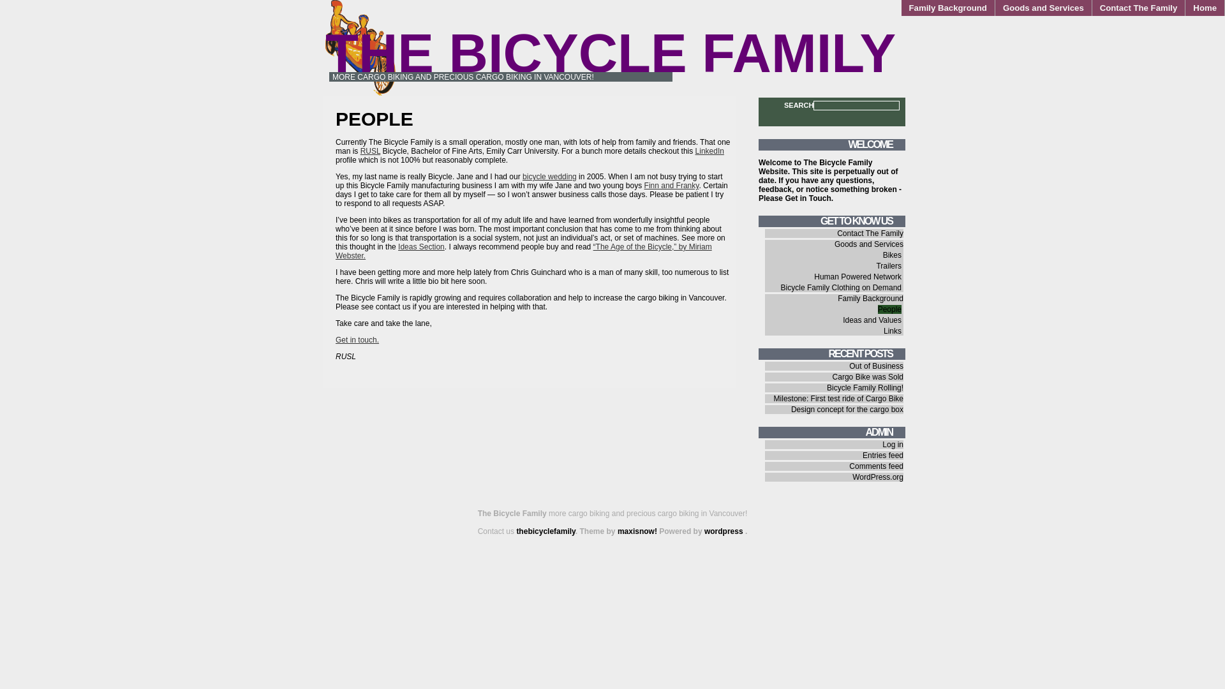 This screenshot has height=689, width=1225. I want to click on 'wordpress', so click(725, 531).